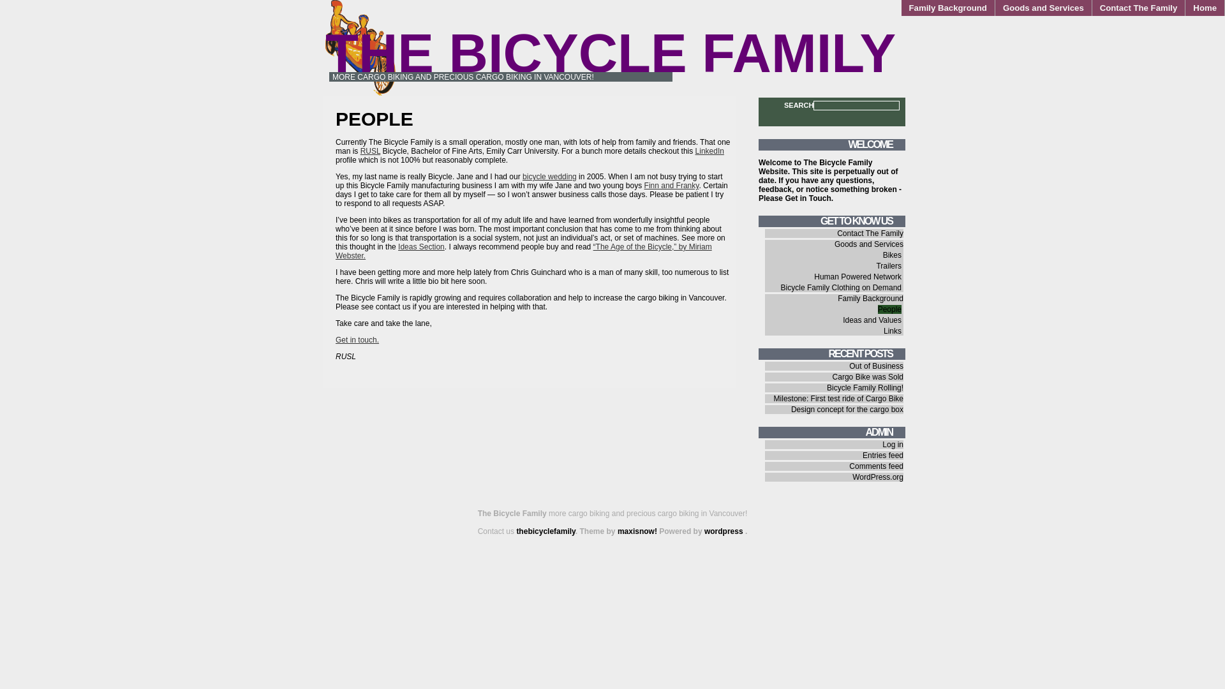 This screenshot has height=689, width=1225. I want to click on 'wordpress', so click(725, 531).